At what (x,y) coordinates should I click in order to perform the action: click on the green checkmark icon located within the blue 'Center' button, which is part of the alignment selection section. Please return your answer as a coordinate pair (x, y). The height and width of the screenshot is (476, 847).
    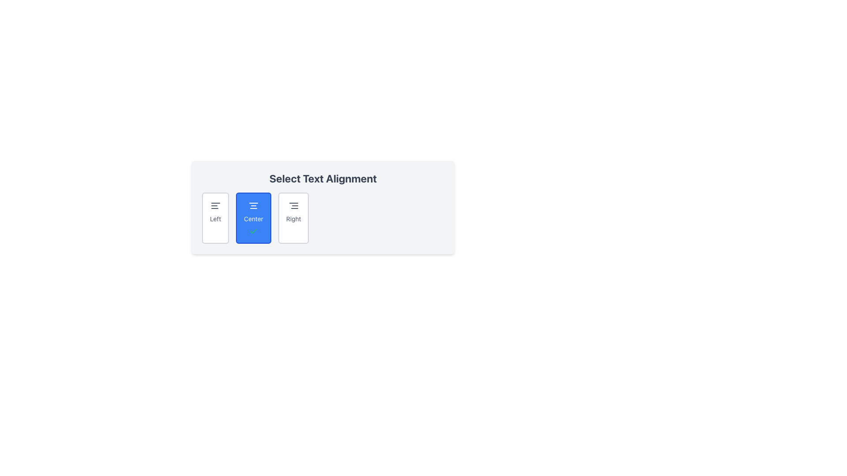
    Looking at the image, I should click on (253, 231).